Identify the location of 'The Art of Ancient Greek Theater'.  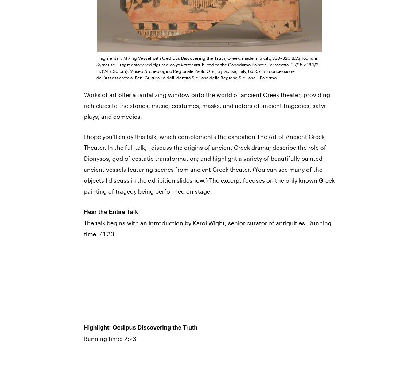
(204, 141).